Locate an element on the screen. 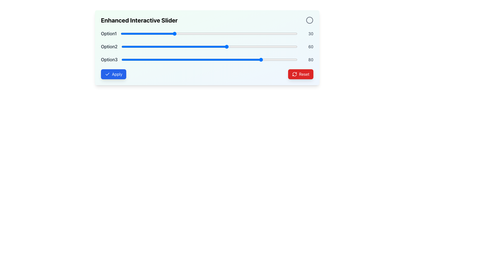 Image resolution: width=481 pixels, height=270 pixels. the 'Apply' text within the blue button located at the lower-left part of the interface is located at coordinates (117, 74).